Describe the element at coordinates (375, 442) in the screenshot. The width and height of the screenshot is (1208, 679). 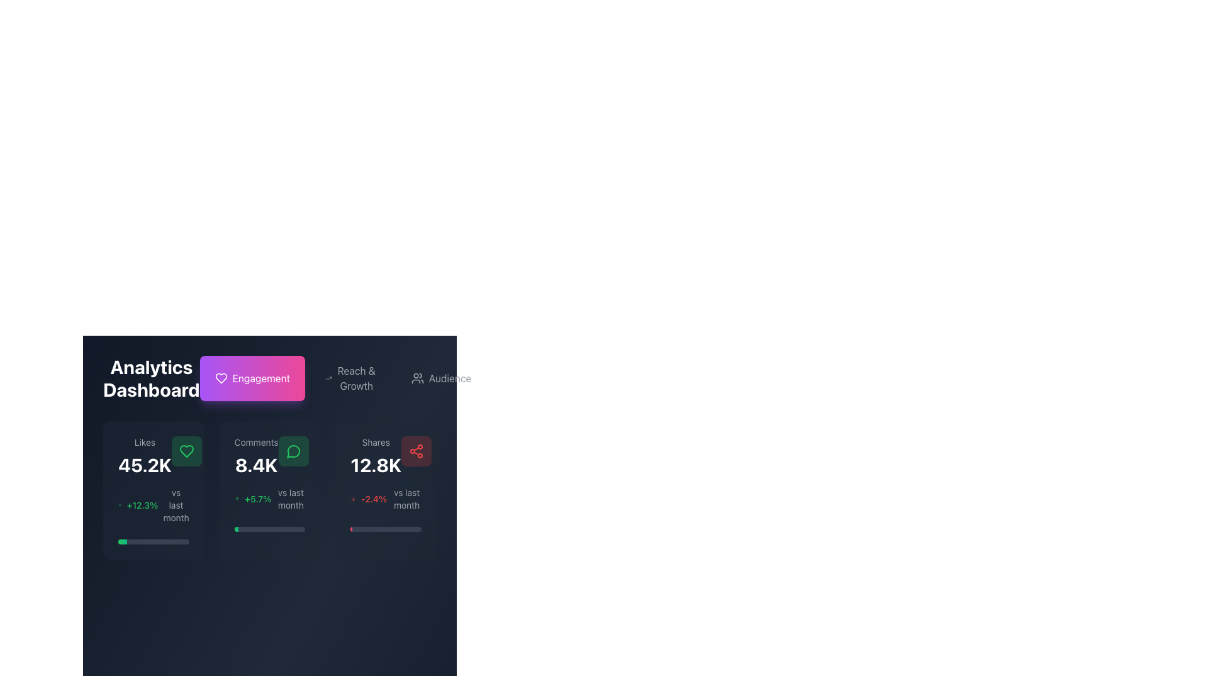
I see `the label that describes the metric displayed below it in the analytics dashboard, positioned above the bold number '12.8K' representing 'Shares' in the third analytics card from the left` at that location.